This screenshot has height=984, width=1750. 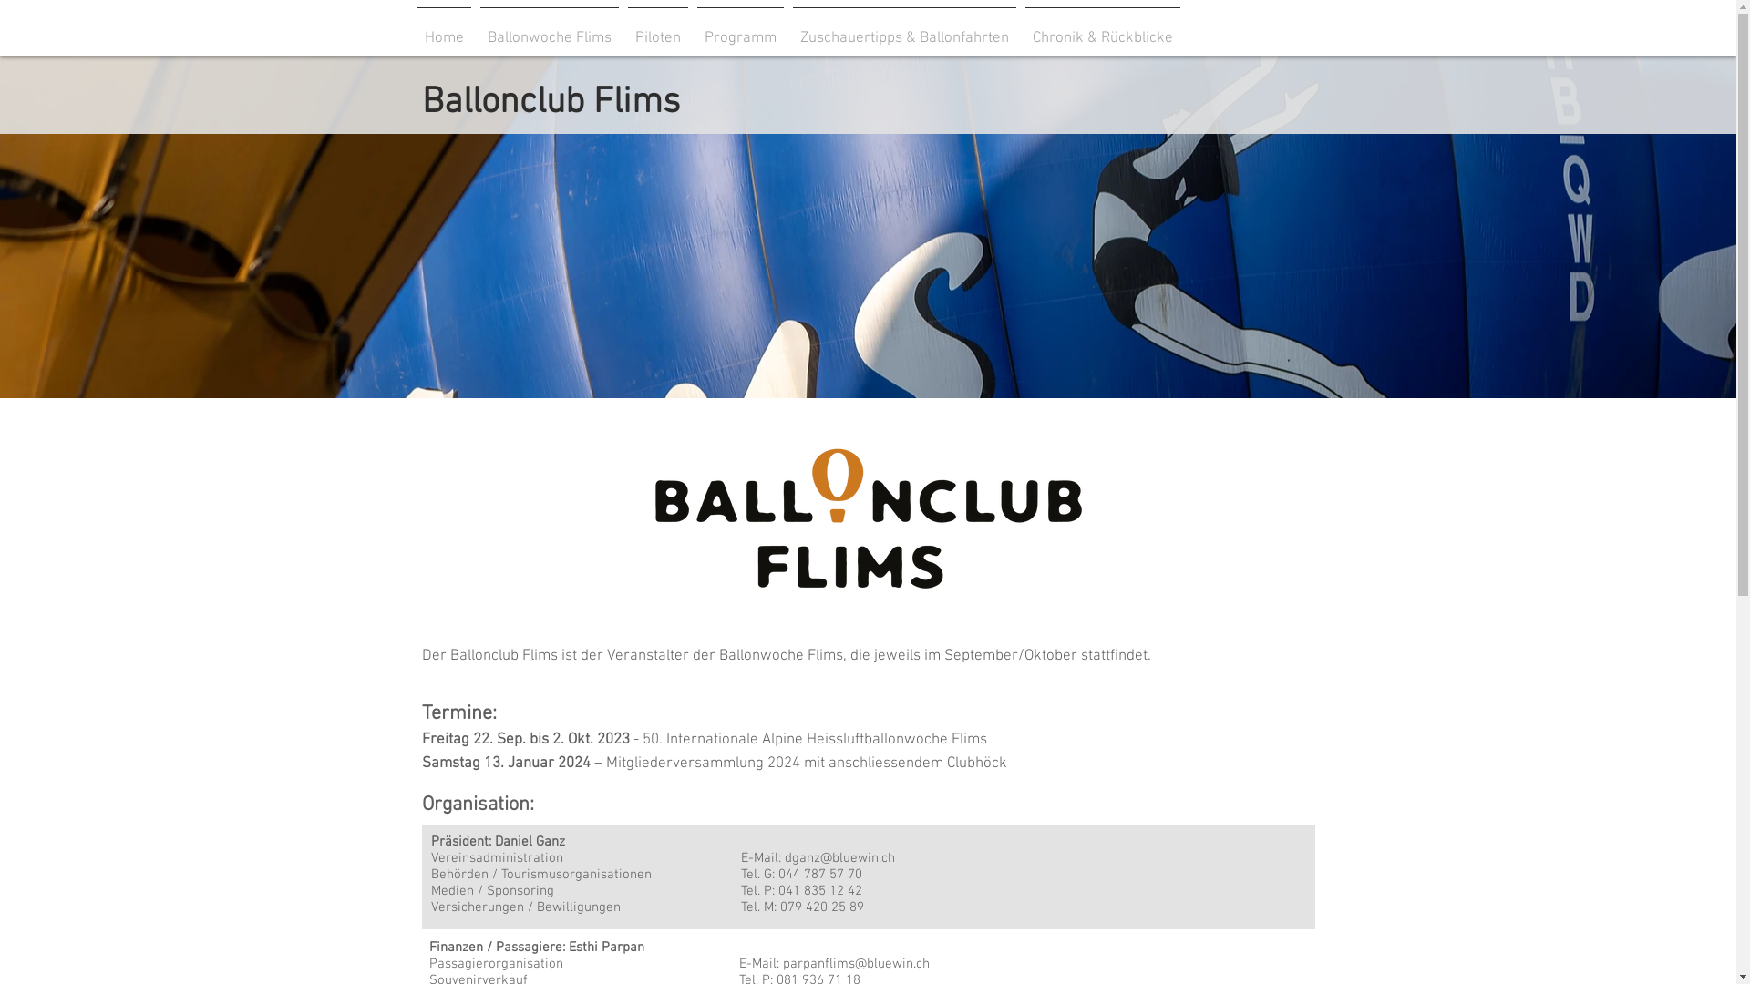 What do you see at coordinates (623, 30) in the screenshot?
I see `'Piloten'` at bounding box center [623, 30].